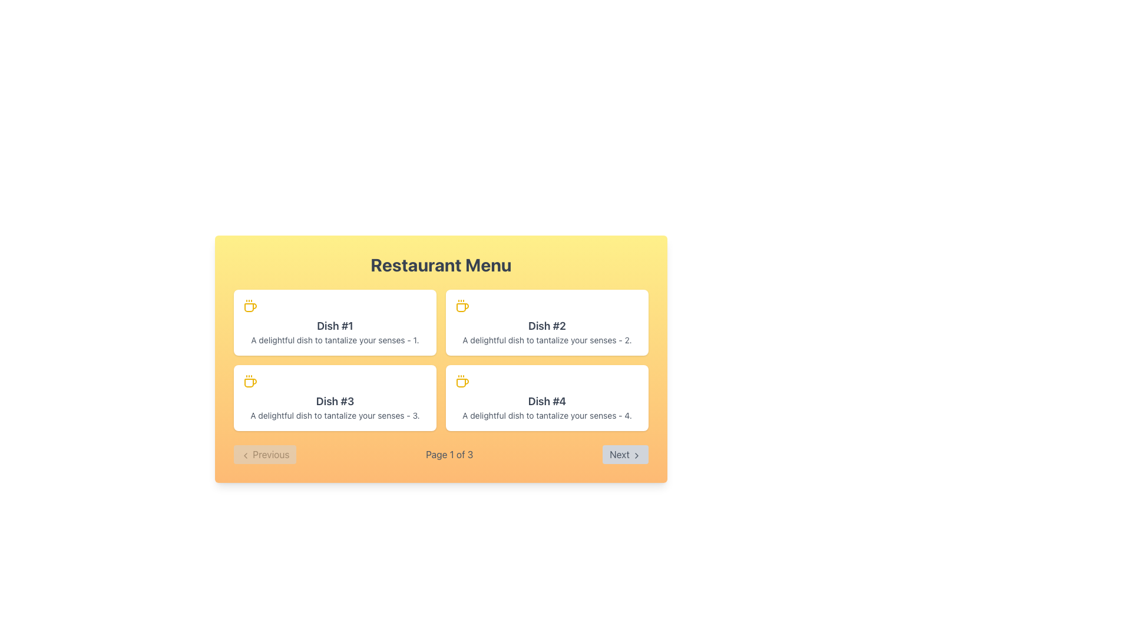 The image size is (1131, 636). I want to click on the card element with a white background and a coffee cup icon, featuring the heading 'Dish #4' and description text, located in the bottom-right corner of the Restaurant Menu section, so click(547, 397).